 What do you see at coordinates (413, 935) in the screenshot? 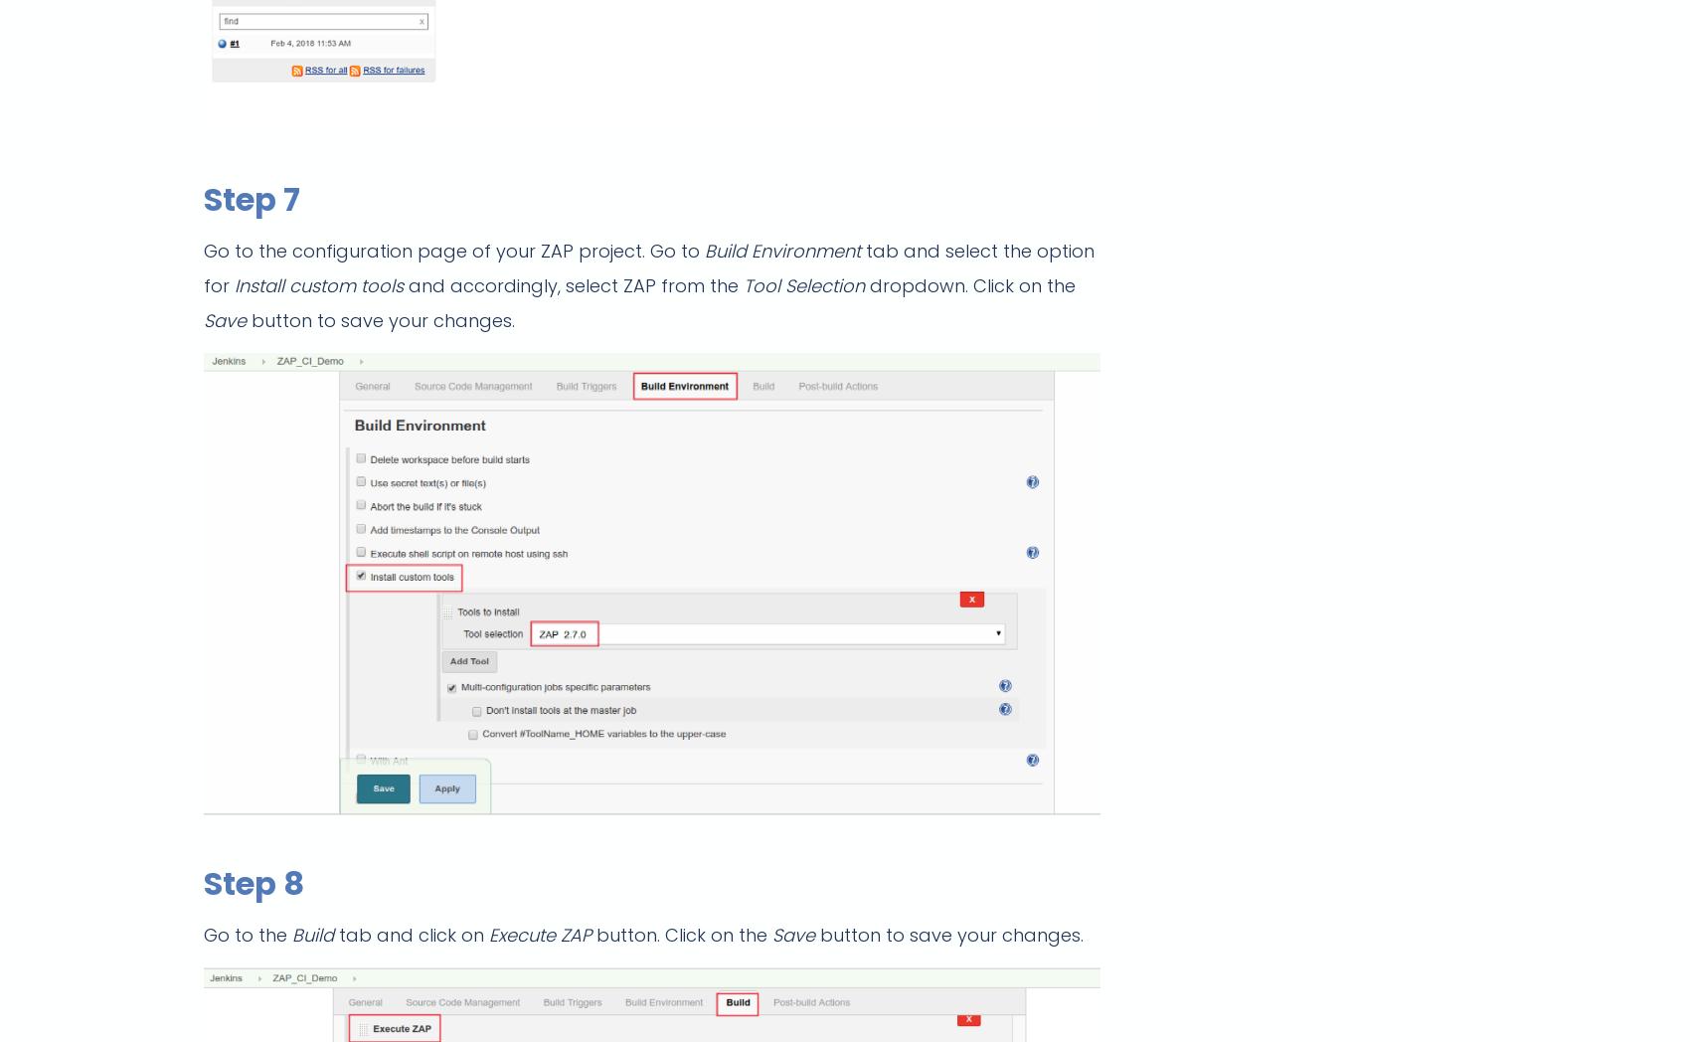
I see `'tab and click on'` at bounding box center [413, 935].